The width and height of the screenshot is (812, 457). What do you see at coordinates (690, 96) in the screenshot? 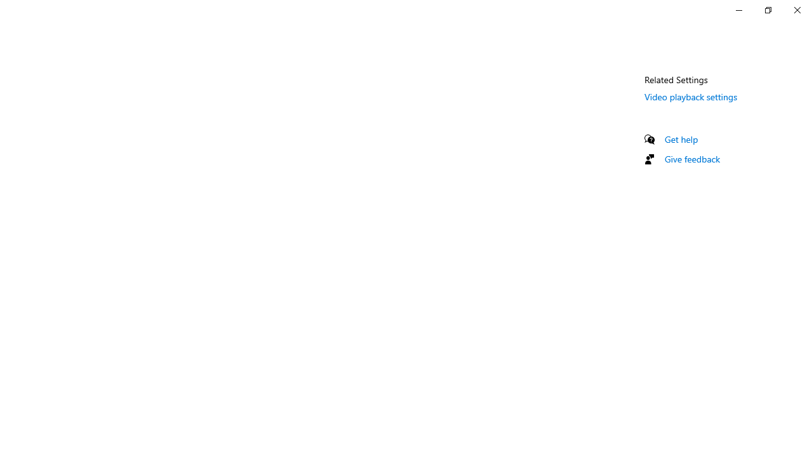
I see `'Video playback settings'` at bounding box center [690, 96].